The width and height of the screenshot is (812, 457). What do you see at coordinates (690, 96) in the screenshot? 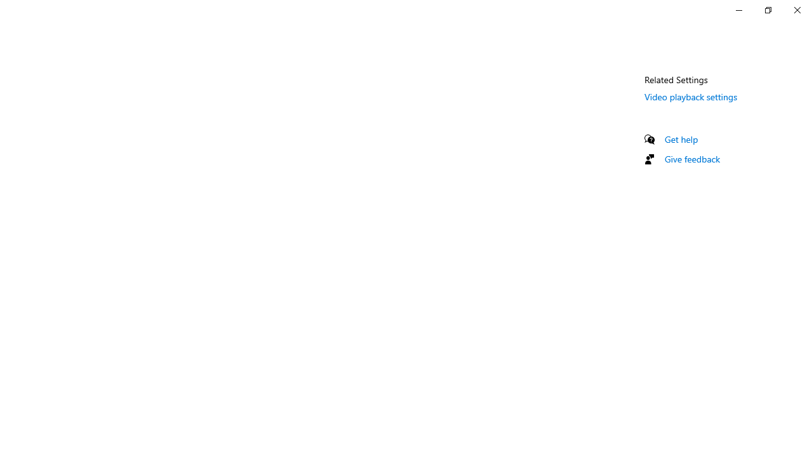
I see `'Video playback settings'` at bounding box center [690, 96].